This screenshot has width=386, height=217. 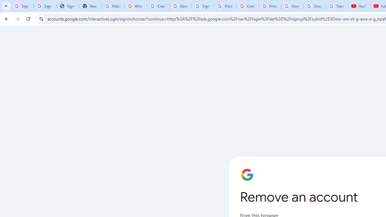 What do you see at coordinates (359, 6) in the screenshot?
I see `'YouTube'` at bounding box center [359, 6].